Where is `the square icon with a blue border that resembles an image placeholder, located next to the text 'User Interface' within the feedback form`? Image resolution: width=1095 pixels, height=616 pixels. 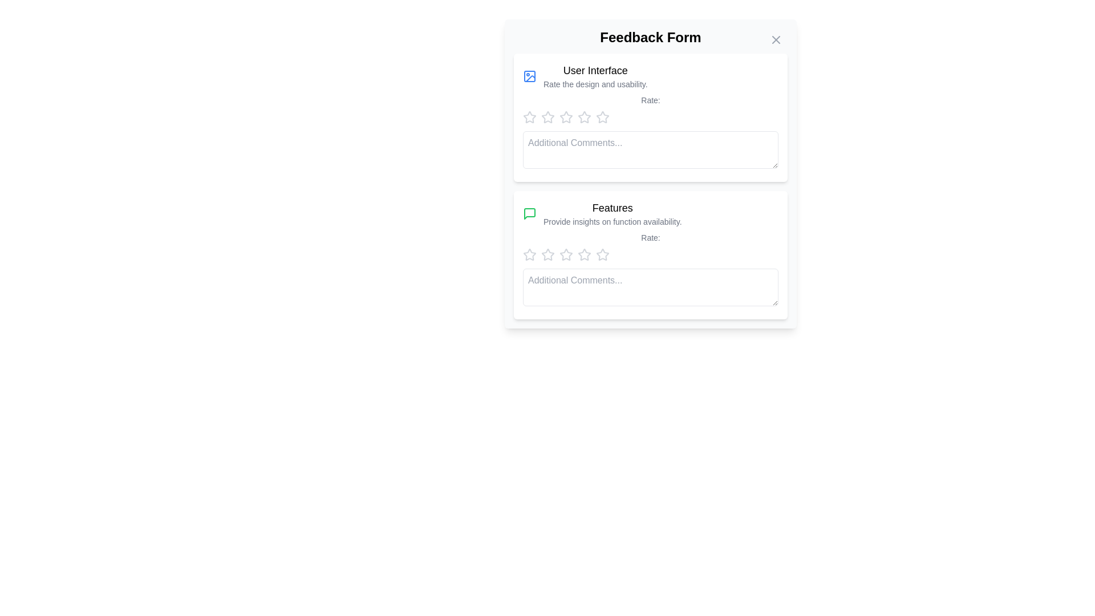 the square icon with a blue border that resembles an image placeholder, located next to the text 'User Interface' within the feedback form is located at coordinates (529, 76).